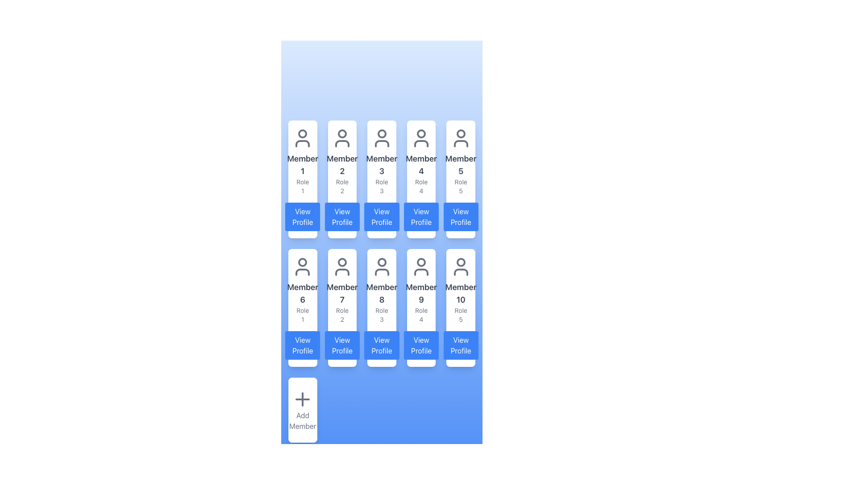  I want to click on the gray user avatar icon representing 'Member 5', so click(461, 138).